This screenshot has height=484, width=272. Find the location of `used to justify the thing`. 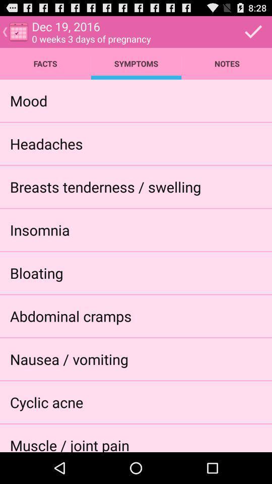

used to justify the thing is located at coordinates (253, 31).